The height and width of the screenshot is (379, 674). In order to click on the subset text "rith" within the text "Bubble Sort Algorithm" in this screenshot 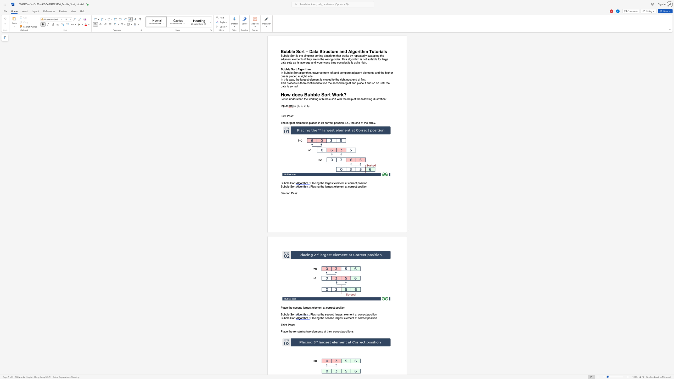, I will do `click(304, 69)`.